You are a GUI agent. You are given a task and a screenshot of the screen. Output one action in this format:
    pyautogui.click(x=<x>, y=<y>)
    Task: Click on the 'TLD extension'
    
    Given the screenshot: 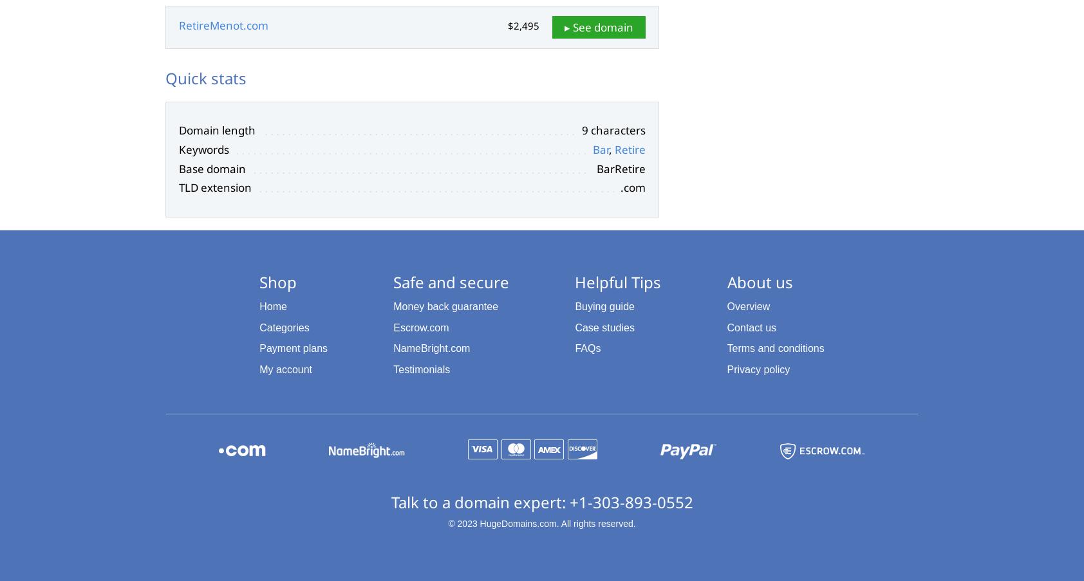 What is the action you would take?
    pyautogui.click(x=215, y=187)
    